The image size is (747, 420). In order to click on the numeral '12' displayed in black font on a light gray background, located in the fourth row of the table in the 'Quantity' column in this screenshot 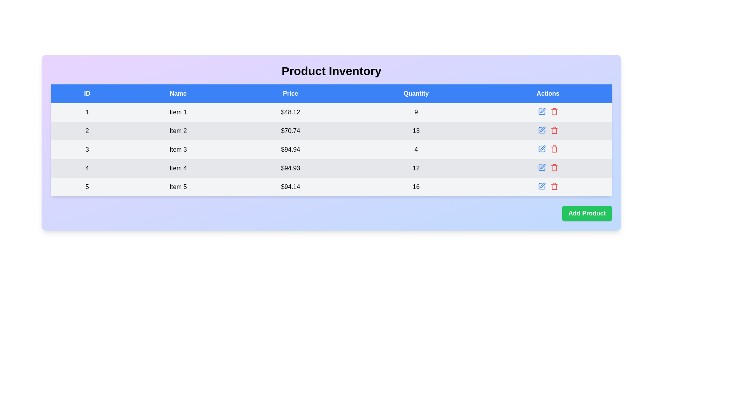, I will do `click(416, 168)`.